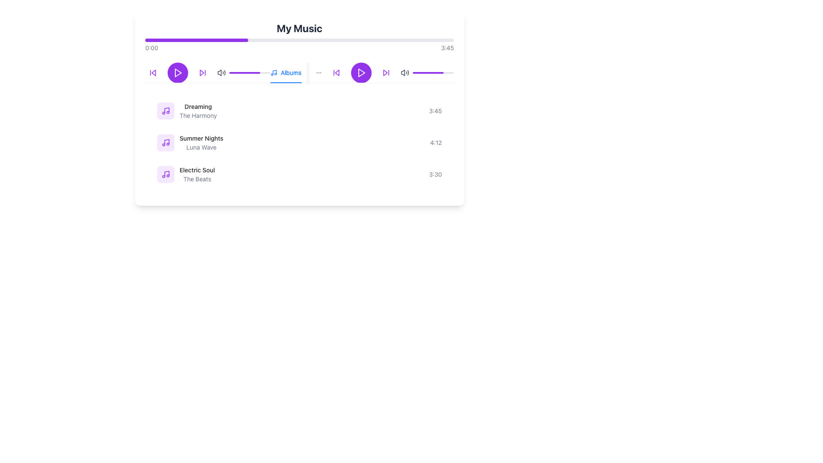 The image size is (823, 463). Describe the element at coordinates (186, 110) in the screenshot. I see `the label representing the music track titled 'Dreaming' by 'The Harmony'` at that location.